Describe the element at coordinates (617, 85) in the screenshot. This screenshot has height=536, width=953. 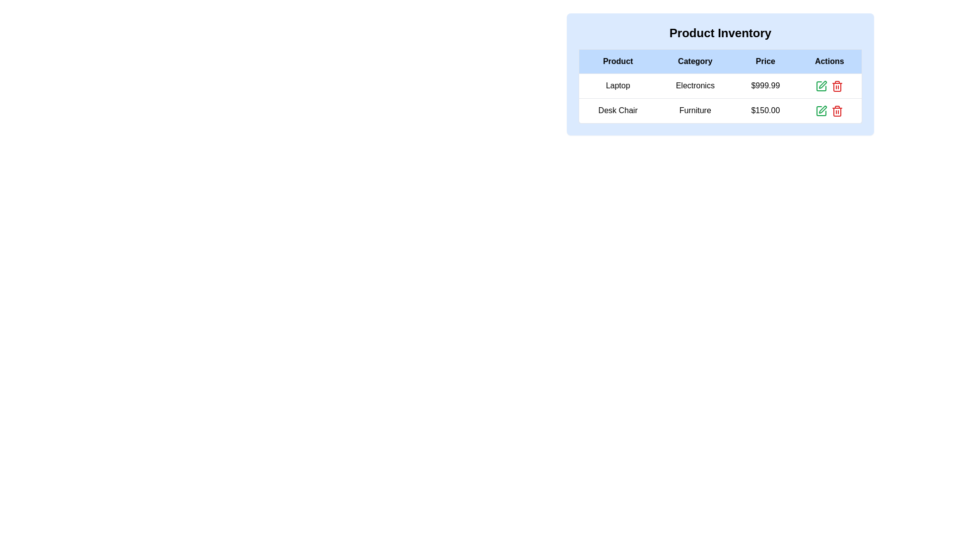
I see `the text label indicating the product name 'Laptop' in the first row of the table under the 'Product' column` at that location.